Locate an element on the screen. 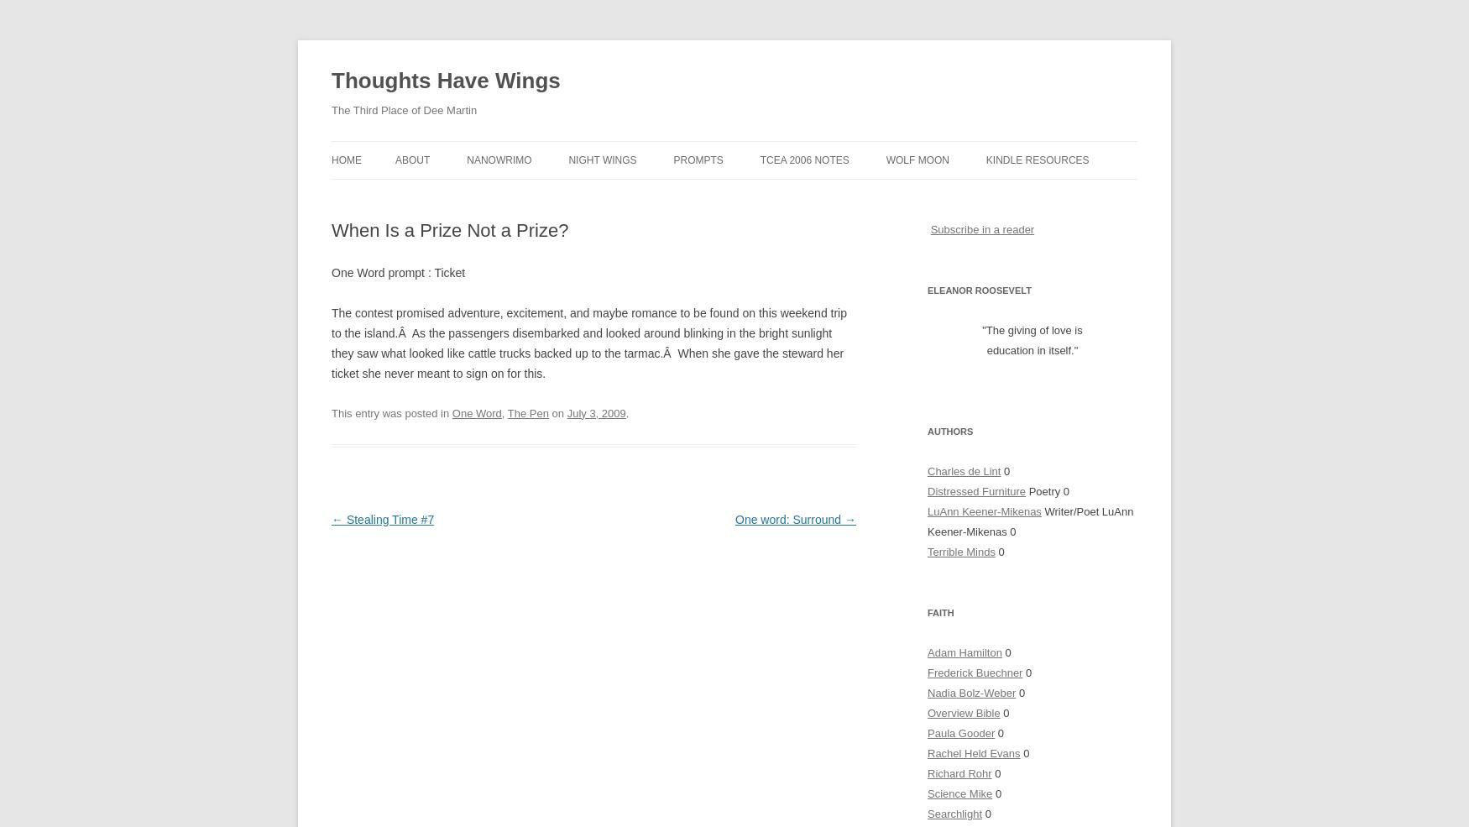  'Home' is located at coordinates (346, 160).